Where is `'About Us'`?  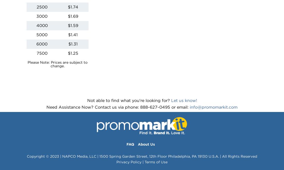 'About Us' is located at coordinates (146, 144).